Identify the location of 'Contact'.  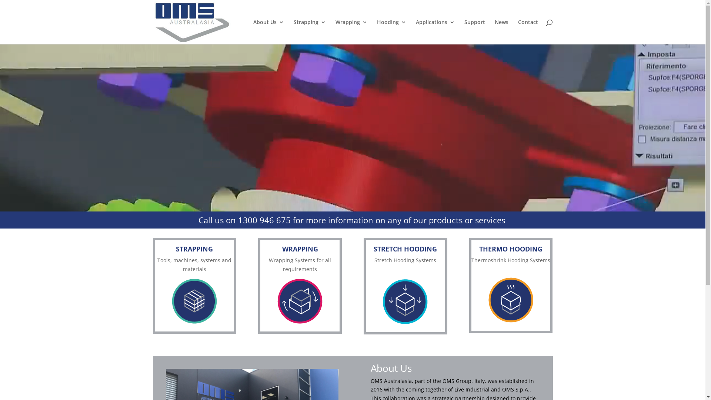
(527, 31).